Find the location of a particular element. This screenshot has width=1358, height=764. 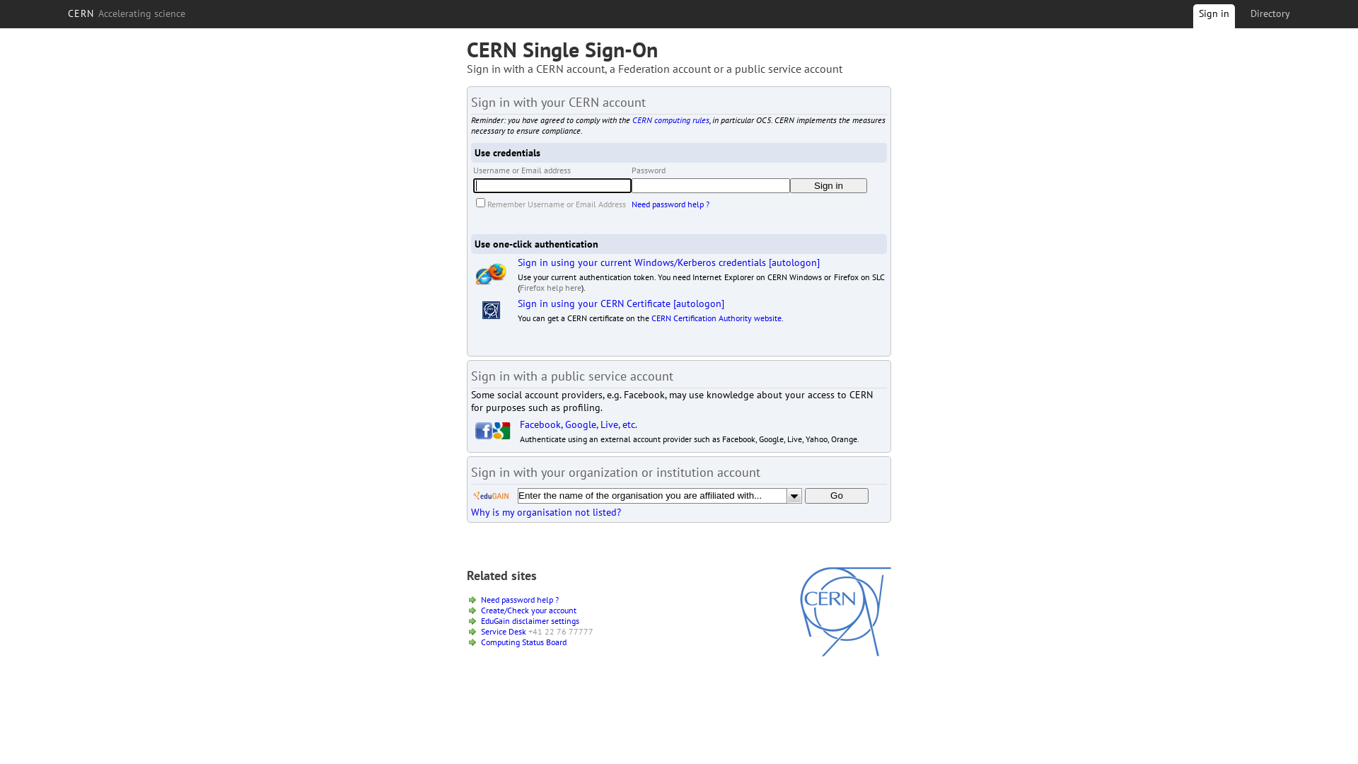

'Sign in' is located at coordinates (1213, 18).